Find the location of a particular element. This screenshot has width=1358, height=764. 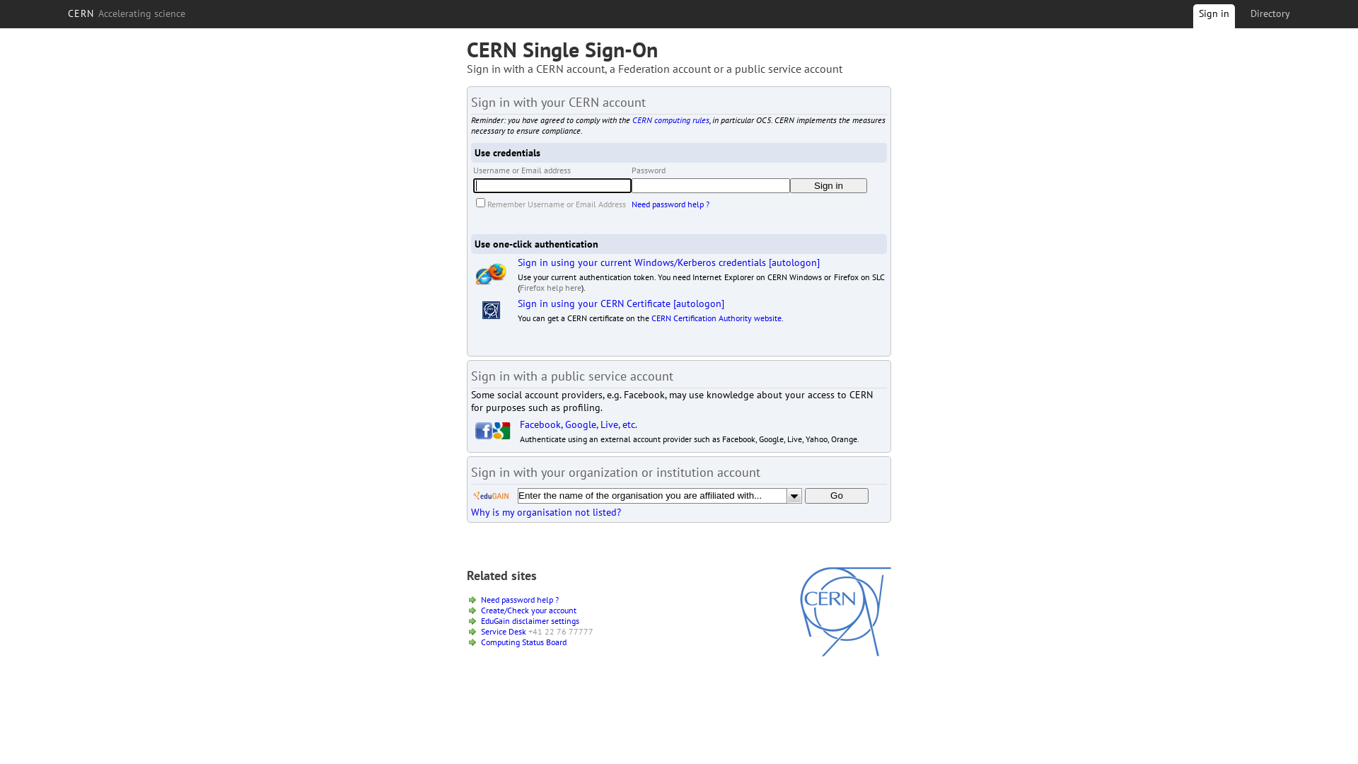

'Sign in' is located at coordinates (1213, 18).